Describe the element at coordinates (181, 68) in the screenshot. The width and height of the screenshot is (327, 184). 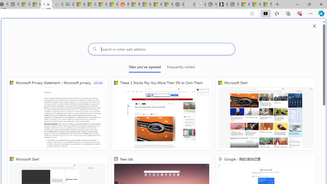
I see `'Frequently visited'` at that location.